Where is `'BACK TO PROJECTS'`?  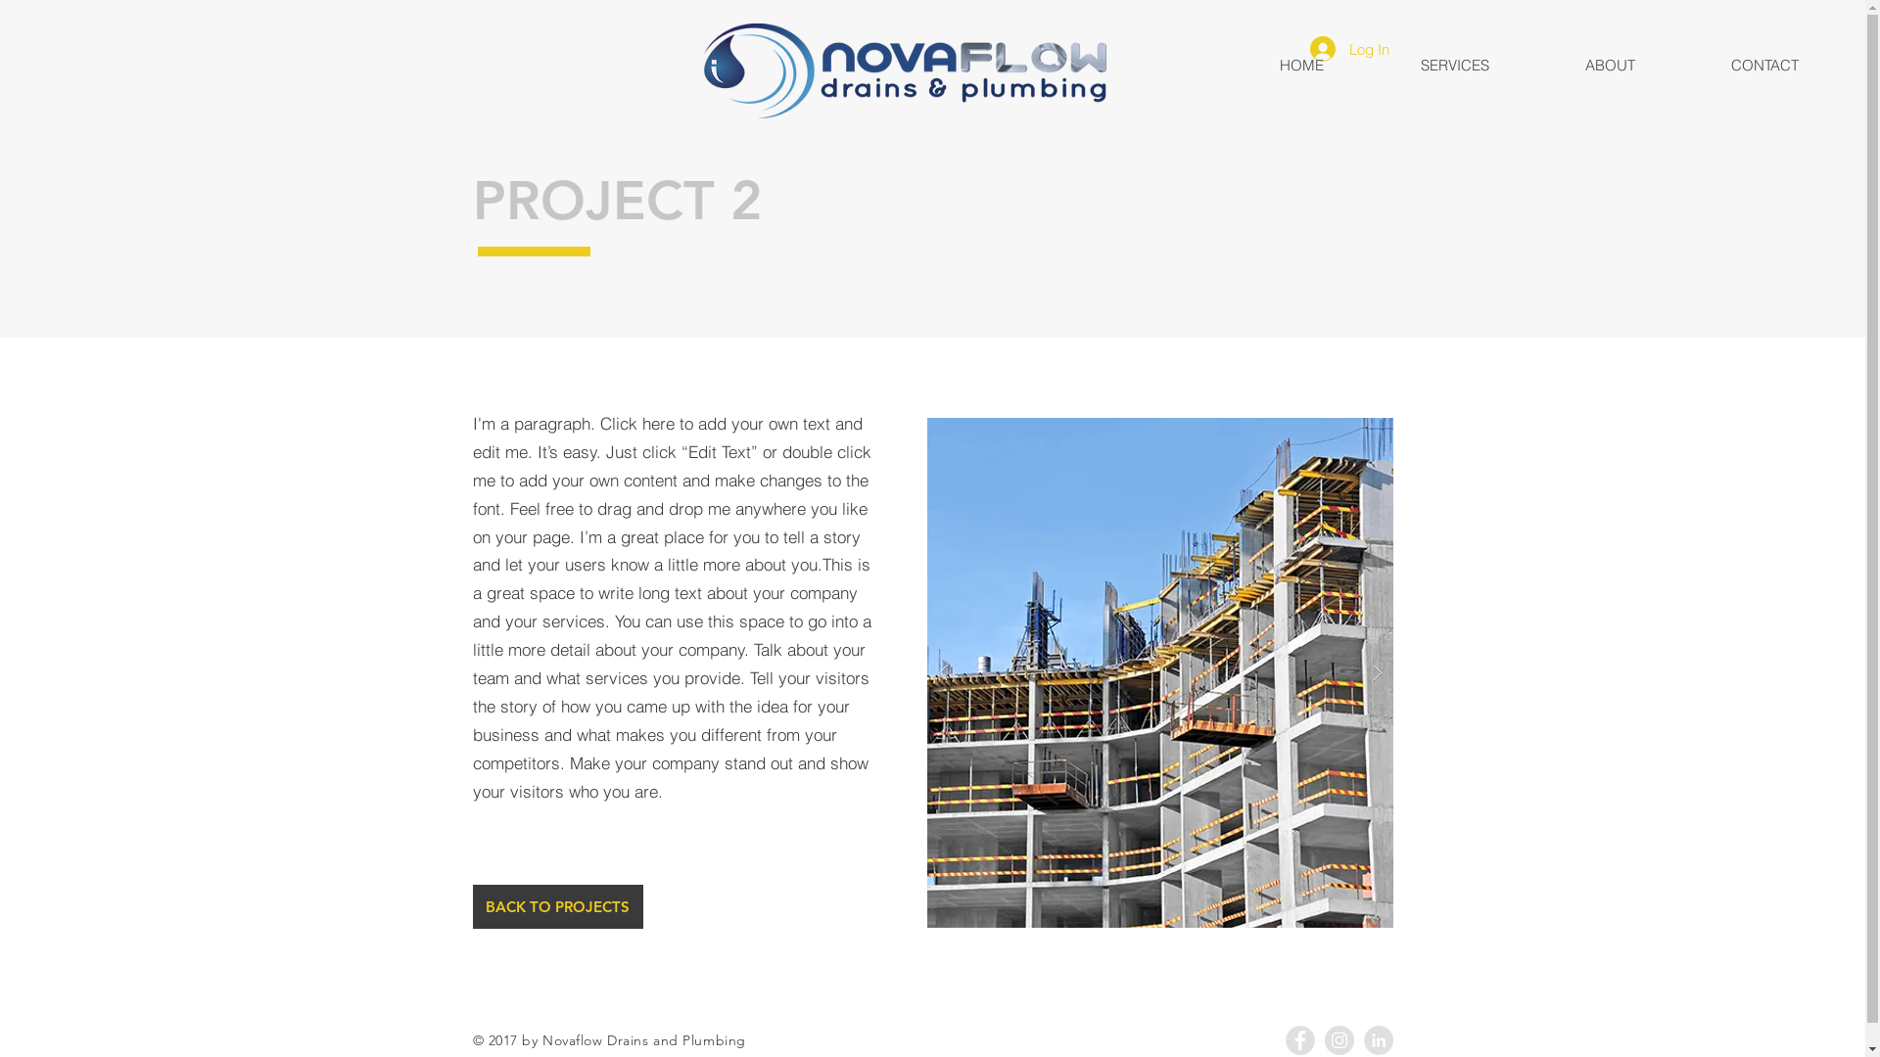
'BACK TO PROJECTS' is located at coordinates (556, 906).